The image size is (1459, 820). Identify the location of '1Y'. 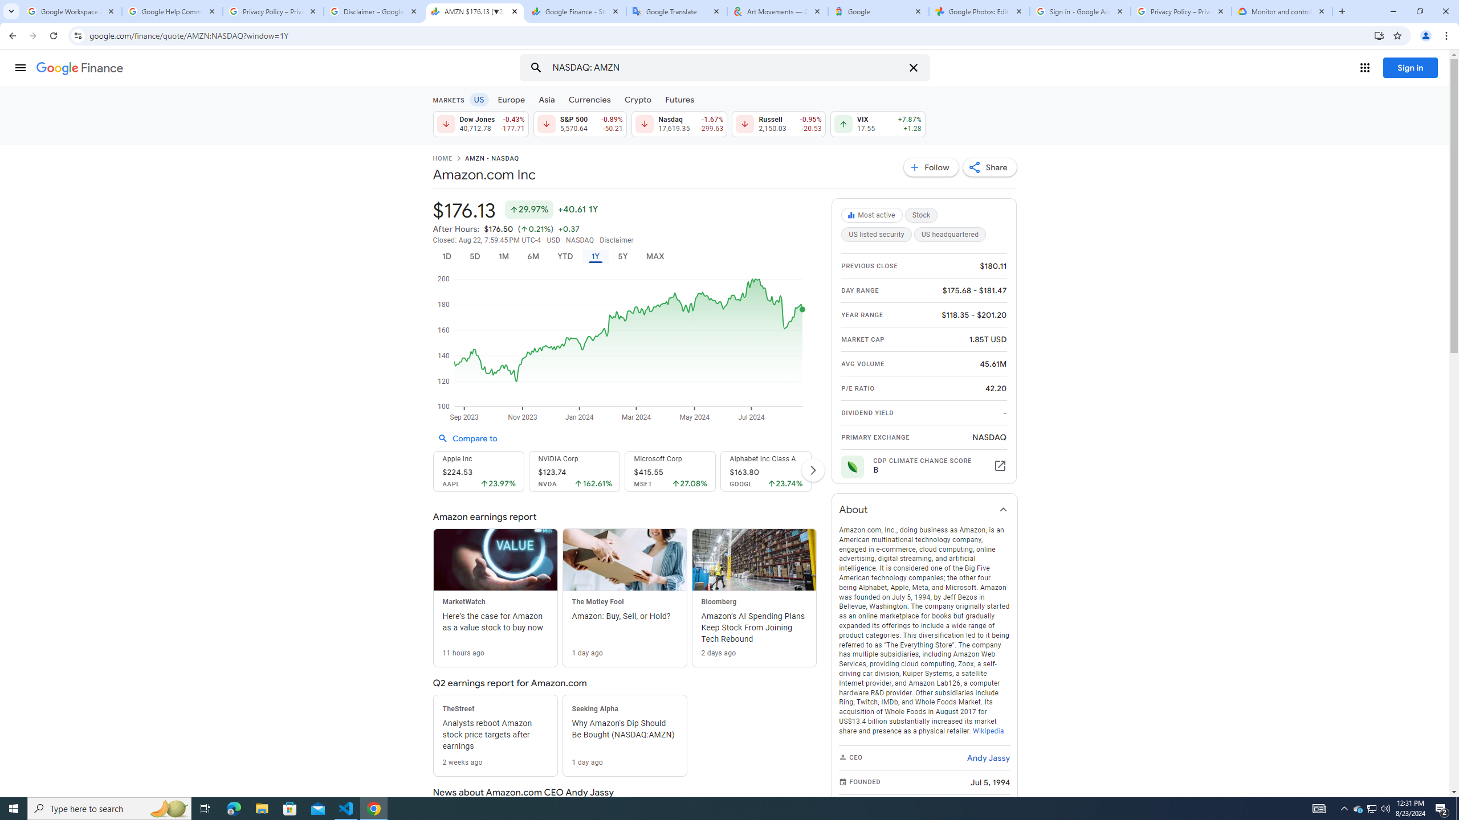
(595, 256).